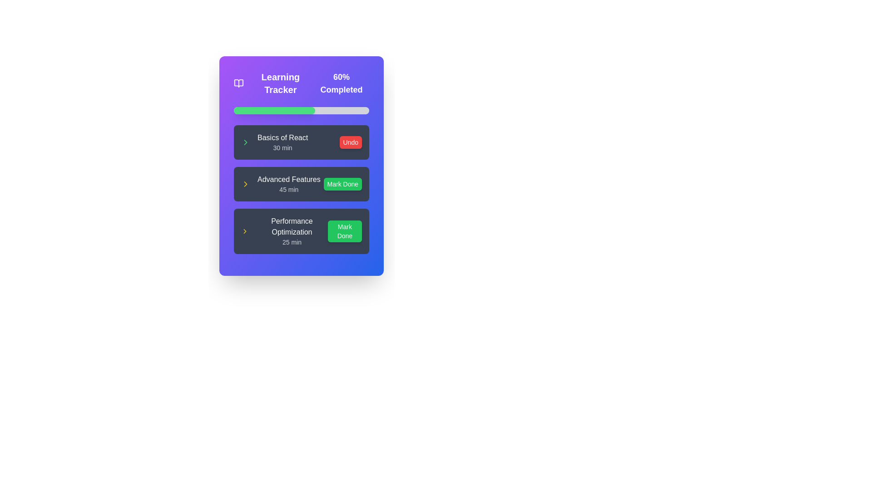 Image resolution: width=872 pixels, height=490 pixels. What do you see at coordinates (350, 142) in the screenshot?
I see `the 'Undo' button, which is a medium-sized, rounded rectangular button with a red background, located on the far right of the entry titled 'Basics of React'` at bounding box center [350, 142].